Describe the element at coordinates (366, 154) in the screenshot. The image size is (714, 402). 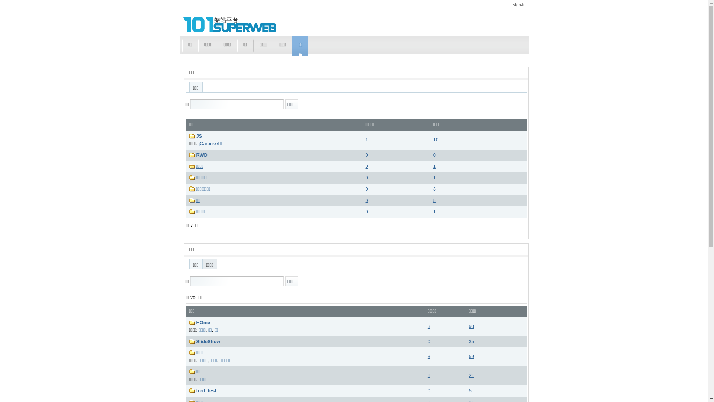
I see `'0'` at that location.